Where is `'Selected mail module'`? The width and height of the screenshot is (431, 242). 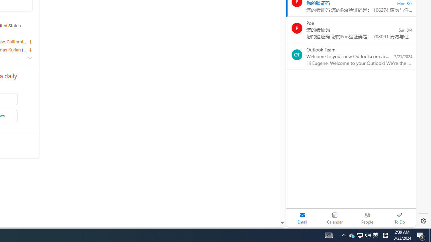
'Selected mail module' is located at coordinates (302, 218).